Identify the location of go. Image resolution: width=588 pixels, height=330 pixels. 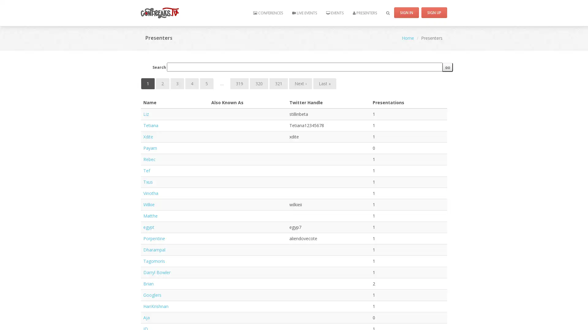
(447, 67).